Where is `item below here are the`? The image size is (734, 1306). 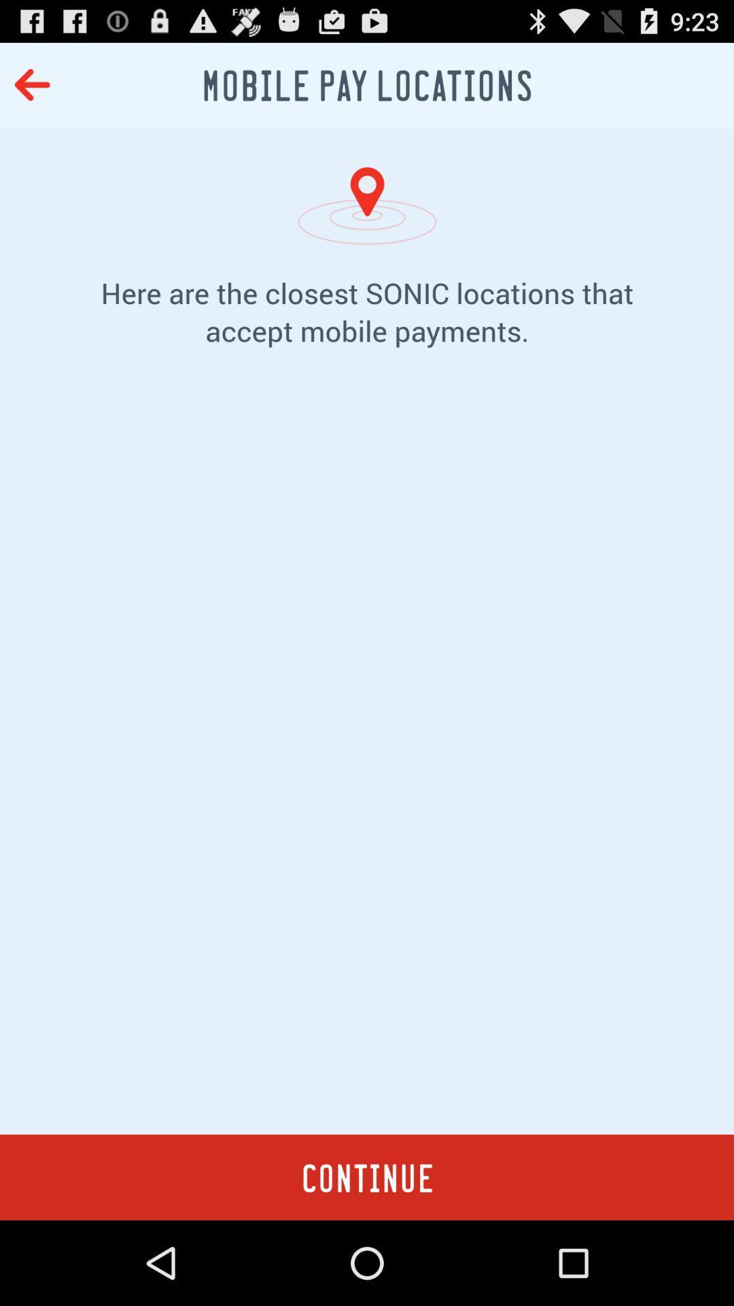 item below here are the is located at coordinates (367, 762).